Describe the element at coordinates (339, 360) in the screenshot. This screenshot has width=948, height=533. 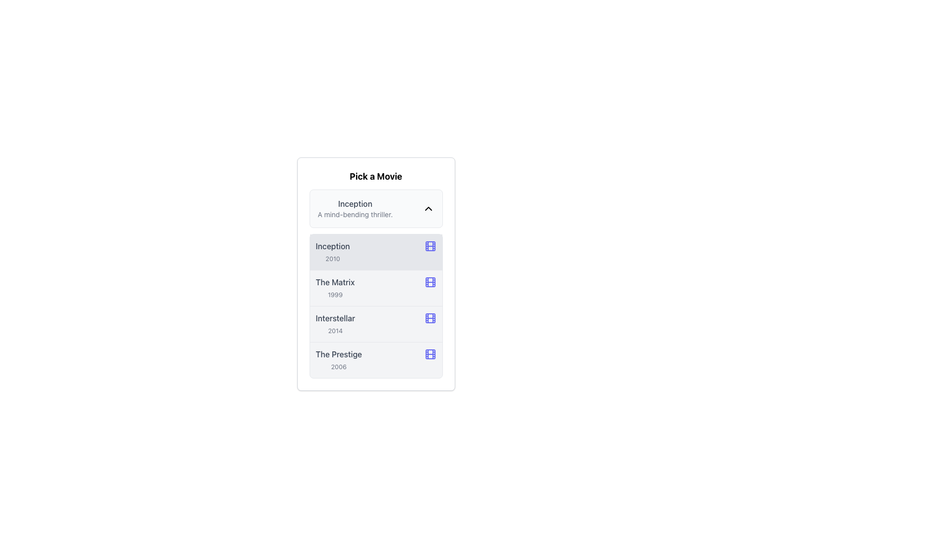
I see `the text label element displaying 'The Prestige' and '2006', which is the fourth item in a vertical list of movie titles` at that location.